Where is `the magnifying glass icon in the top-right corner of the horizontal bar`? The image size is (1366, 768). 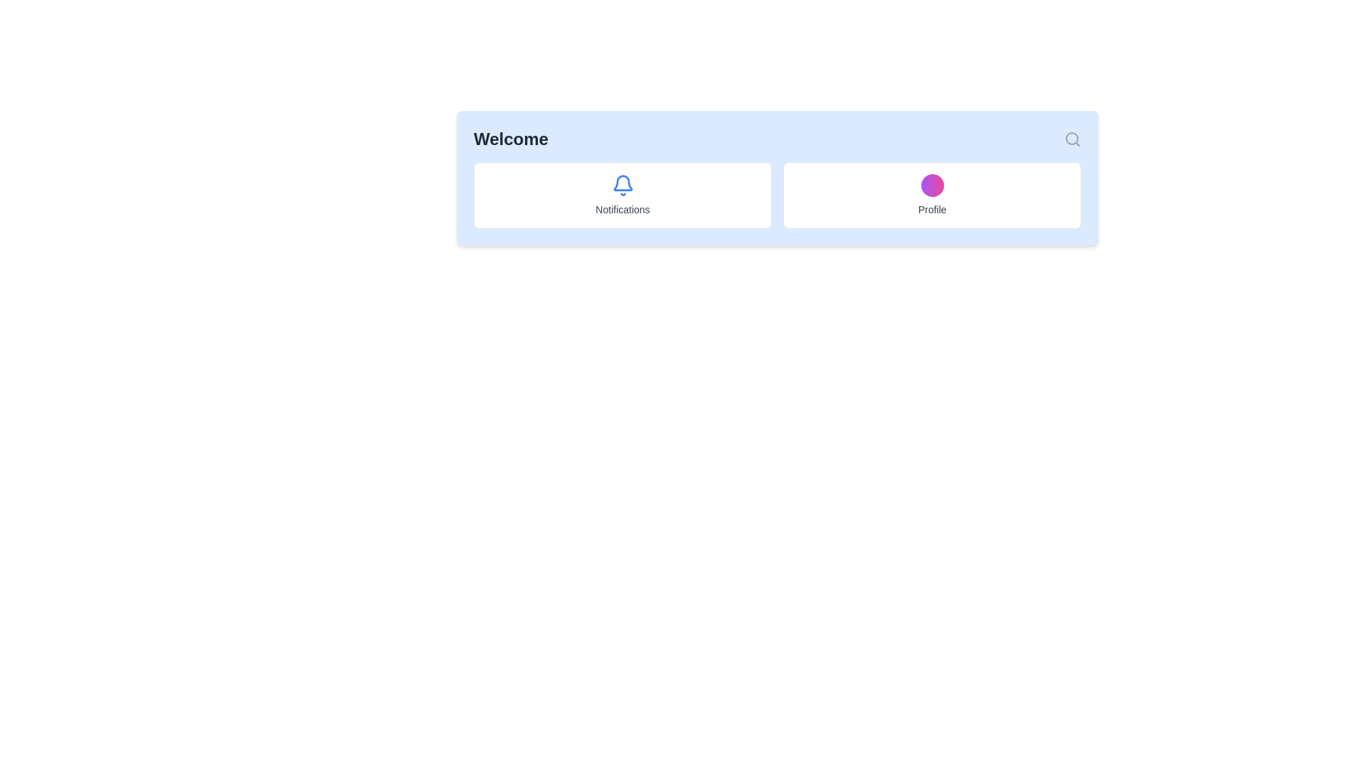
the magnifying glass icon in the top-right corner of the horizontal bar is located at coordinates (1072, 139).